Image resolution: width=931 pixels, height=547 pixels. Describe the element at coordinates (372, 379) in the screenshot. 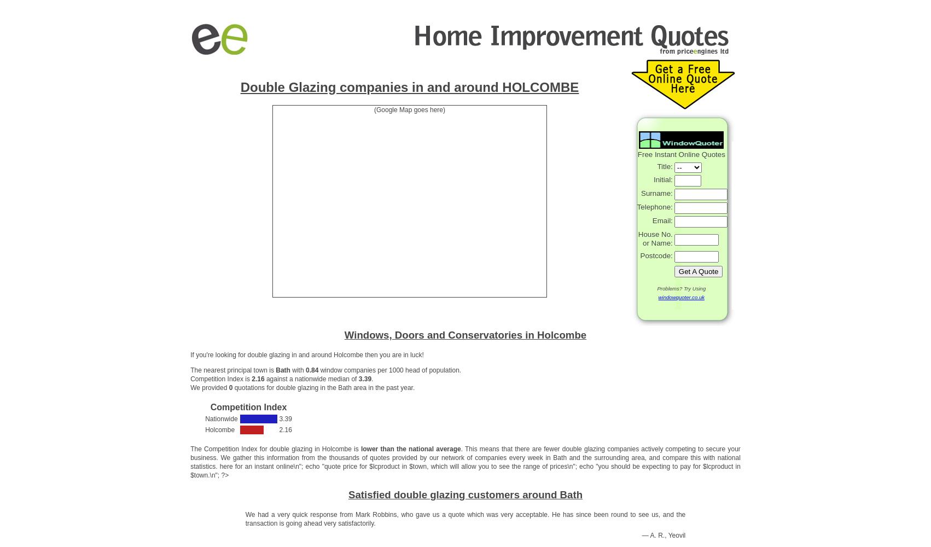

I see `'.'` at that location.